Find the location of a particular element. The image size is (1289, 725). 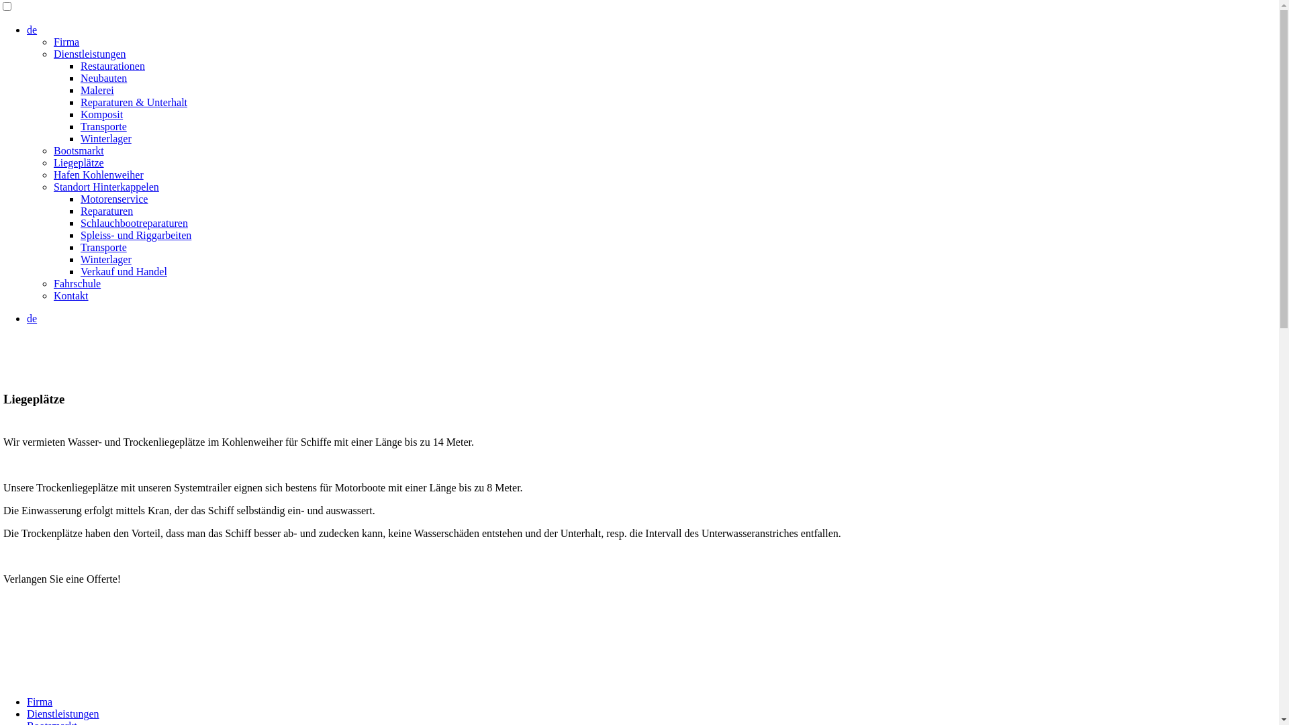

'Kontakt' is located at coordinates (70, 295).